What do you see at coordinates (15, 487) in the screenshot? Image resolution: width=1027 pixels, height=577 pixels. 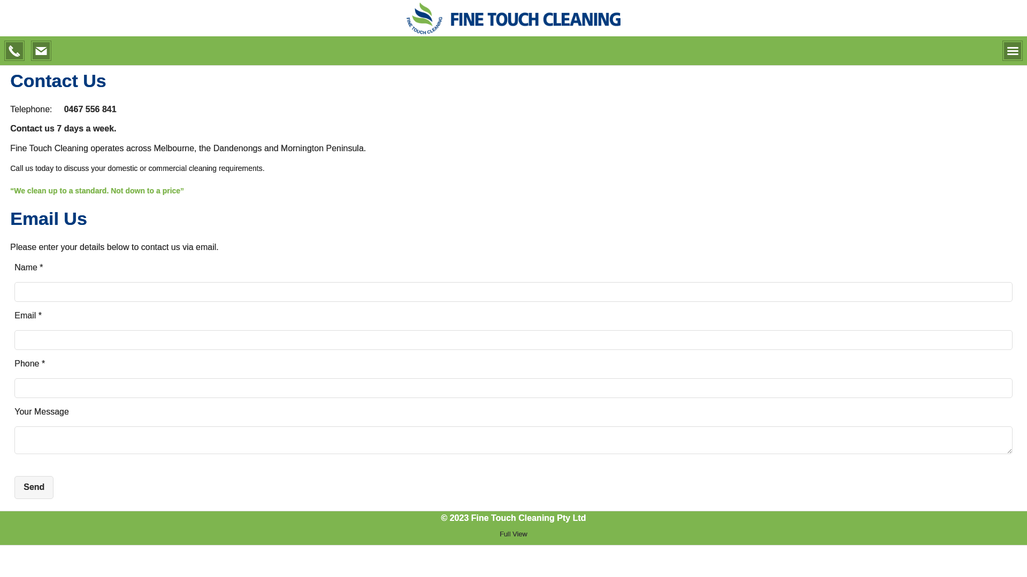 I see `'Send'` at bounding box center [15, 487].